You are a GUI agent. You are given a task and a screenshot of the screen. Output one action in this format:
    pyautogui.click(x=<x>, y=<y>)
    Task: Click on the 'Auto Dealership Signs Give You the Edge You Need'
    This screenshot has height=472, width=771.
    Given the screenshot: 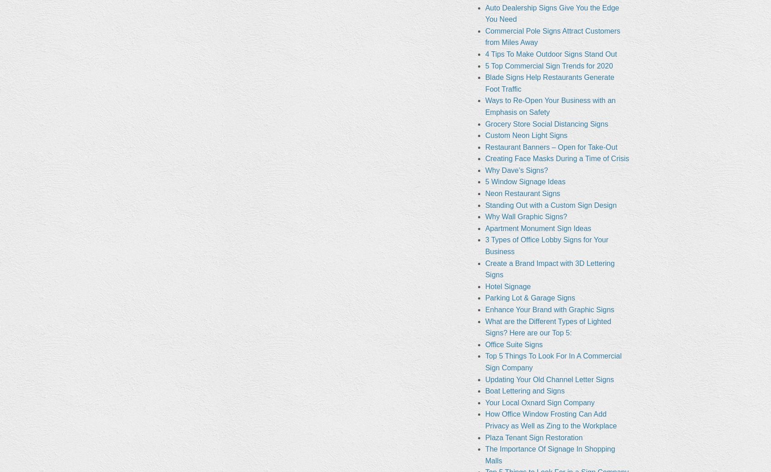 What is the action you would take?
    pyautogui.click(x=484, y=13)
    